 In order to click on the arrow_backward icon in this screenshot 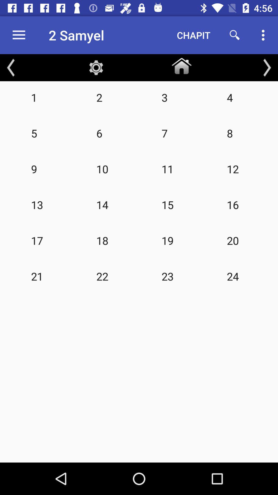, I will do `click(11, 67)`.